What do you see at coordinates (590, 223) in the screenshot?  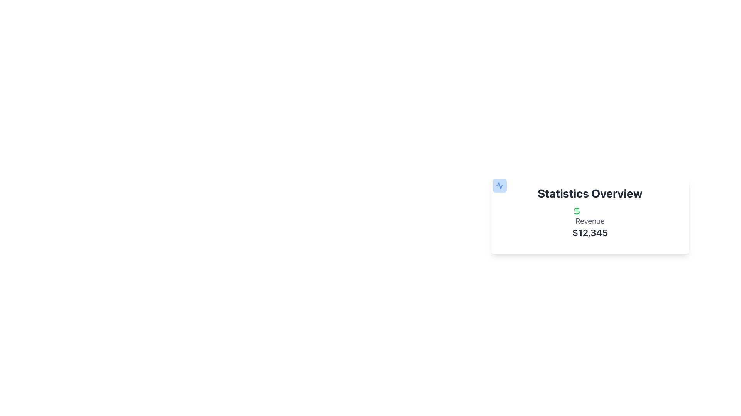 I see `displayed financial information from the Text block with an accompanying icon located within the 'Statistics Overview' card` at bounding box center [590, 223].